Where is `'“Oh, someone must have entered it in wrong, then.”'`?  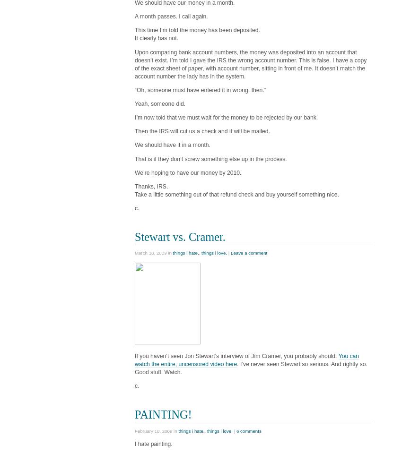
'“Oh, someone must have entered it in wrong, then.”' is located at coordinates (200, 89).